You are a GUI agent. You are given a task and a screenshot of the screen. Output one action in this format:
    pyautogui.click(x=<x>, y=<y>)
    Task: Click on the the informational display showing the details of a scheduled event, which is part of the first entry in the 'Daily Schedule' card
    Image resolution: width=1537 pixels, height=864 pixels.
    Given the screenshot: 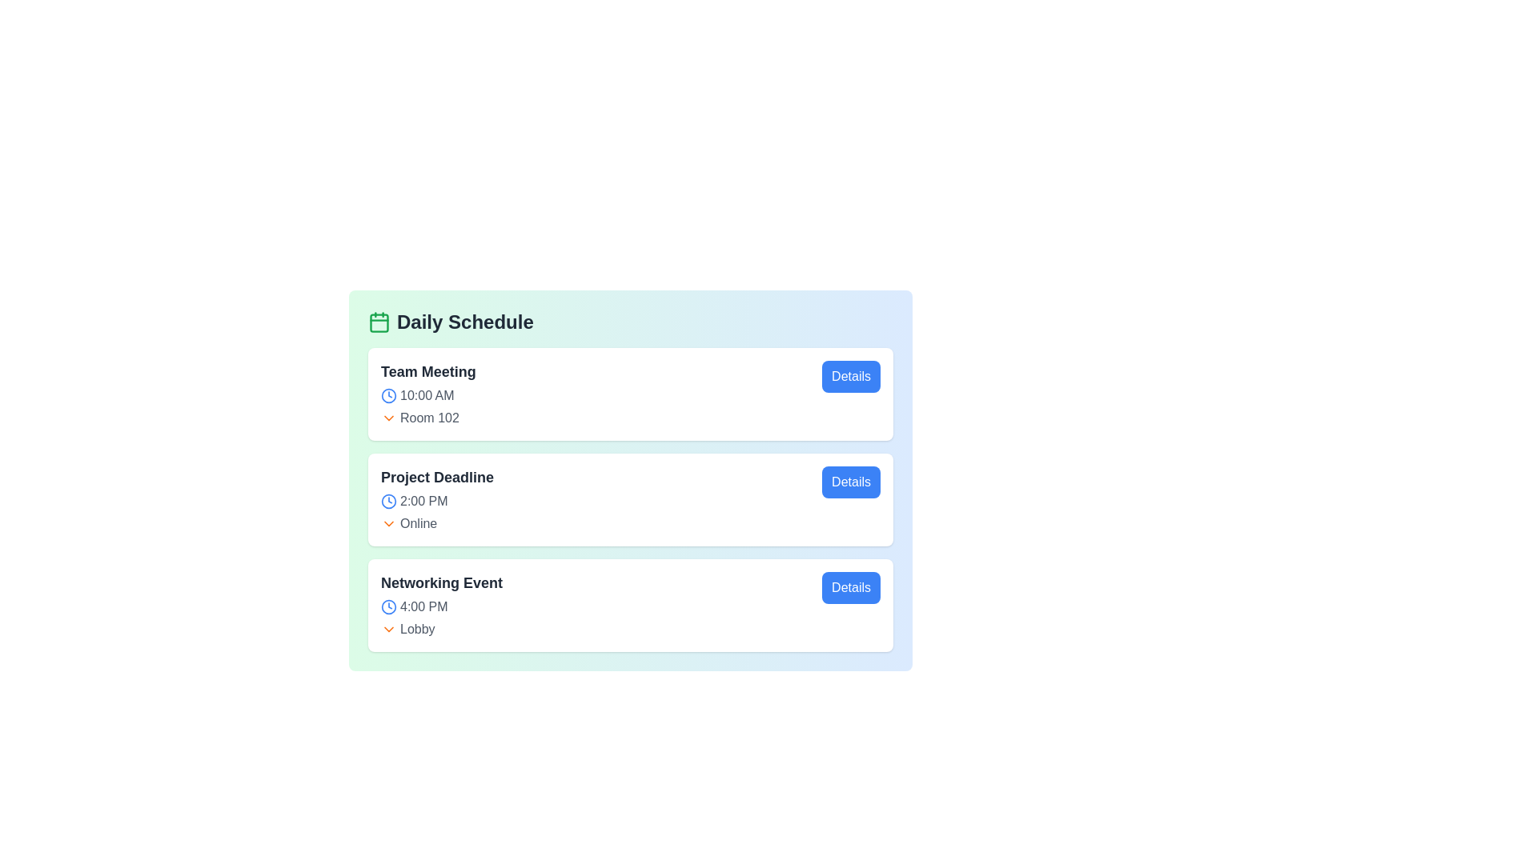 What is the action you would take?
    pyautogui.click(x=428, y=394)
    